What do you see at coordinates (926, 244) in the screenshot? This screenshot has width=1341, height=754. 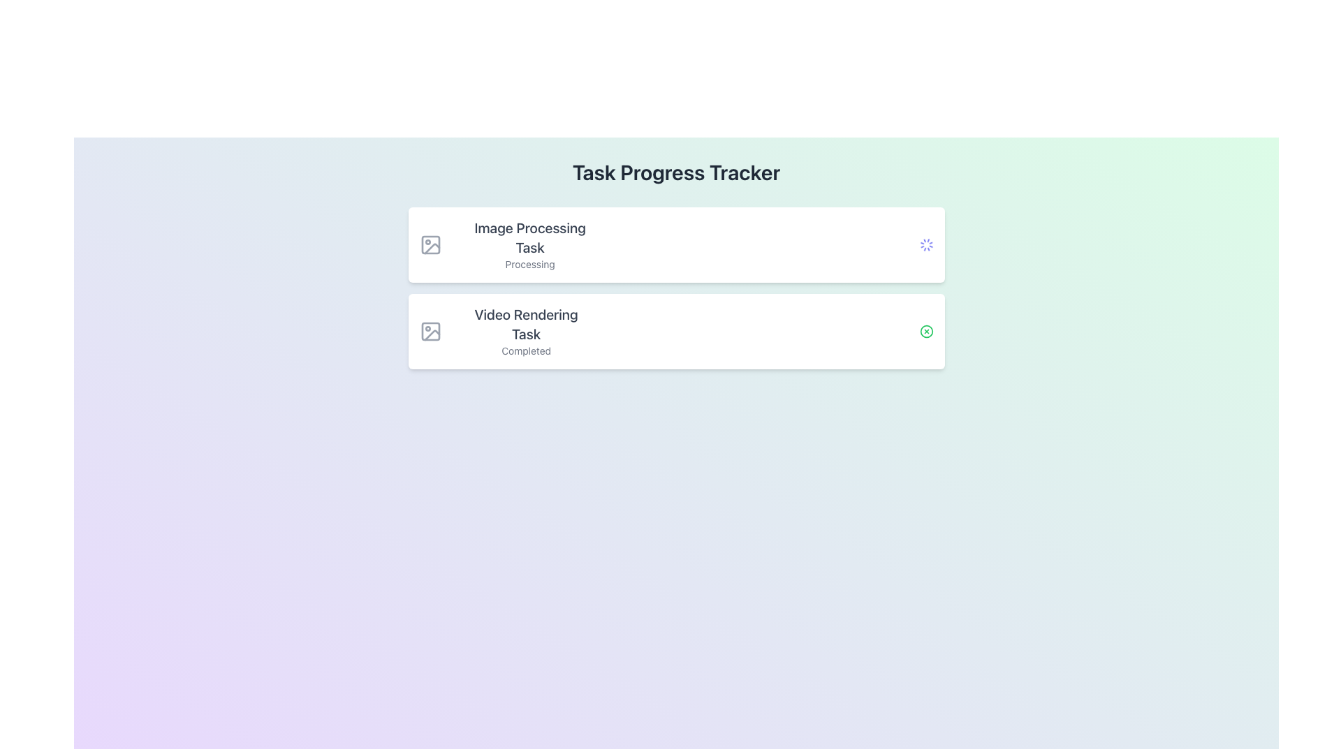 I see `the small circular loader icon, styled in blue, located at the top-right end of the 'Image Processing Task' card` at bounding box center [926, 244].